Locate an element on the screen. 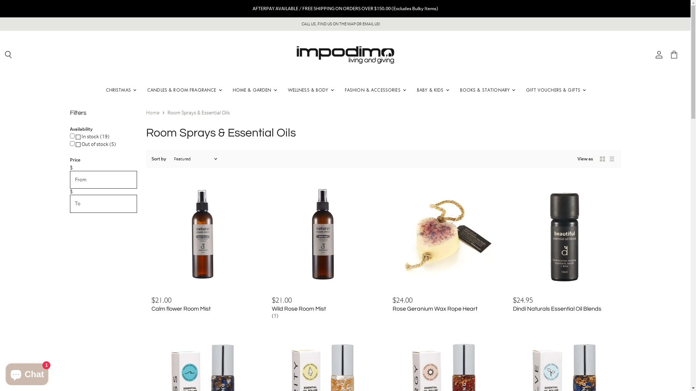 This screenshot has width=696, height=391. 'Shopify online store chat' is located at coordinates (27, 373).